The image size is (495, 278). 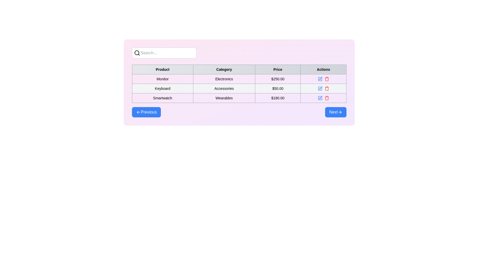 I want to click on text from the 'Keyboard' label, which is a text label styled with a centered alignment and bordered by a gray outline, located in the second row under the 'Product' column of a tabular structure, so click(x=162, y=88).